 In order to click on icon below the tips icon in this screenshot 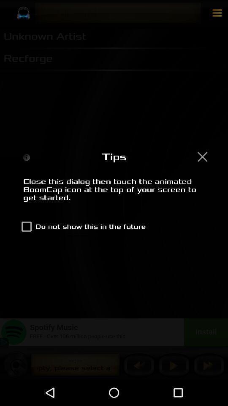, I will do `click(114, 194)`.